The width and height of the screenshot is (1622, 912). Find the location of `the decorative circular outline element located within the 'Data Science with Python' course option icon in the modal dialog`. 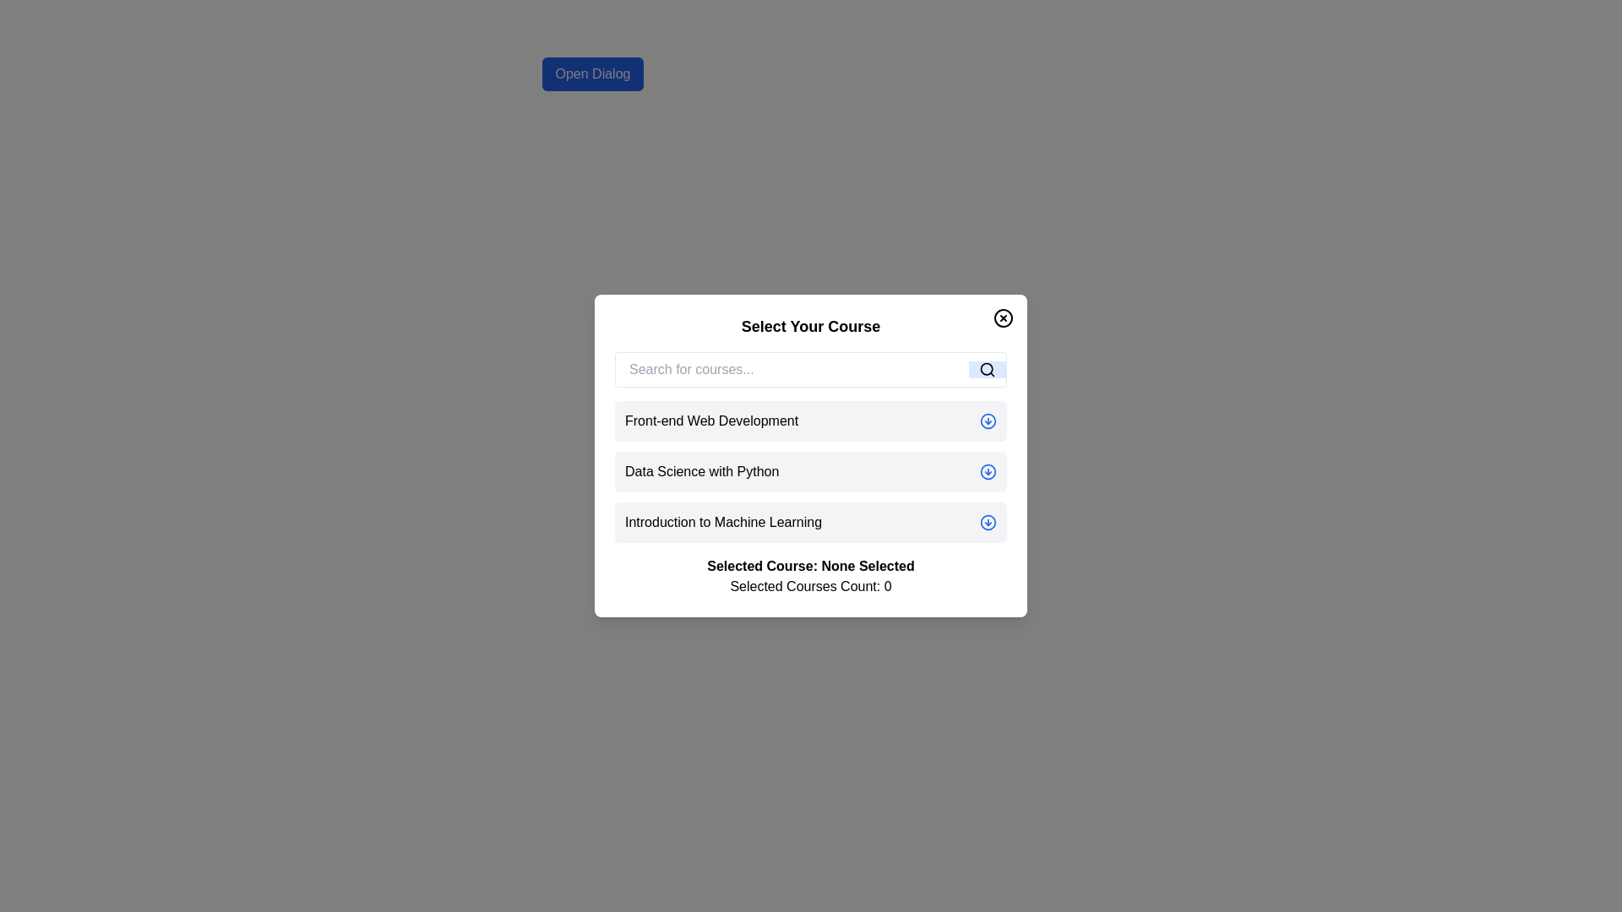

the decorative circular outline element located within the 'Data Science with Python' course option icon in the modal dialog is located at coordinates (988, 472).